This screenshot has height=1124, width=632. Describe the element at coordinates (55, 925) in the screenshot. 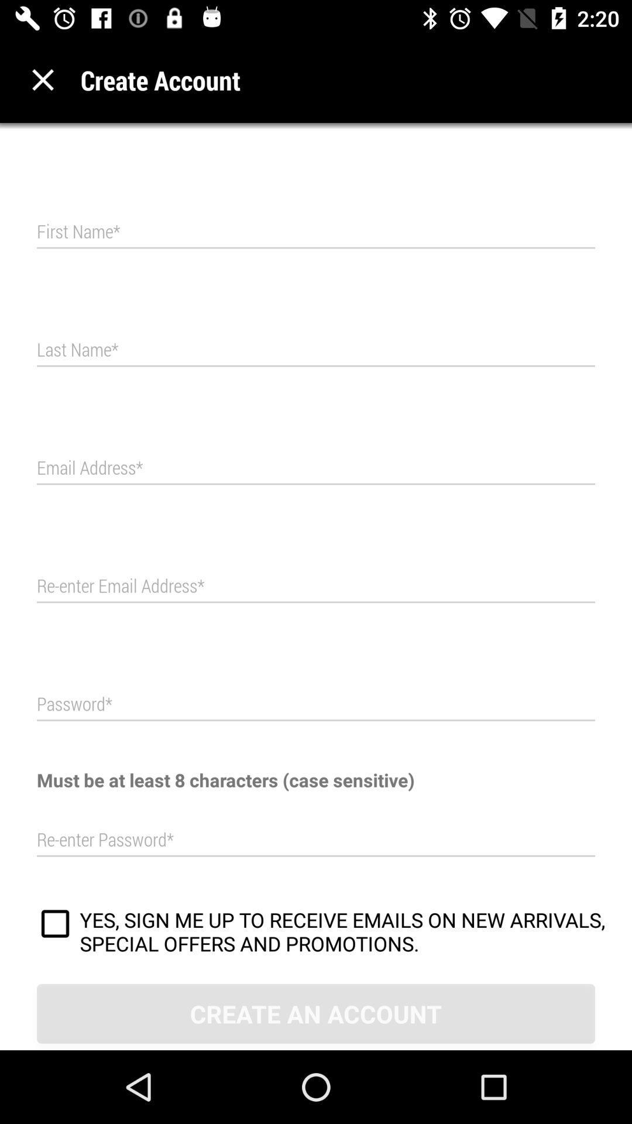

I see `to receive promotional emails` at that location.